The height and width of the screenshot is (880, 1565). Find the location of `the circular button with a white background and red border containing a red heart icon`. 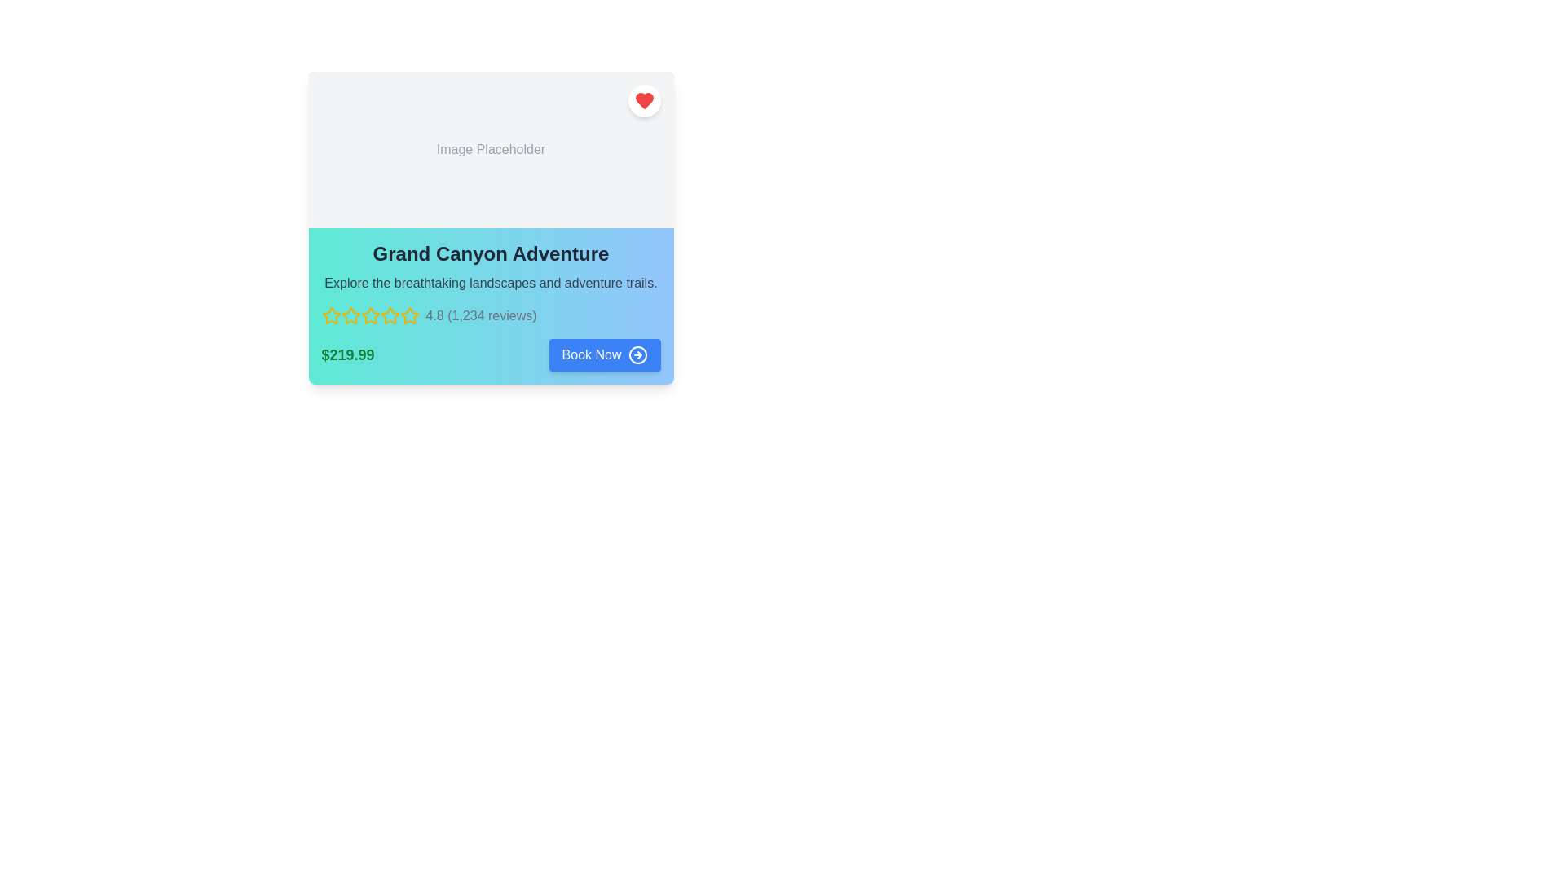

the circular button with a white background and red border containing a red heart icon is located at coordinates (643, 100).